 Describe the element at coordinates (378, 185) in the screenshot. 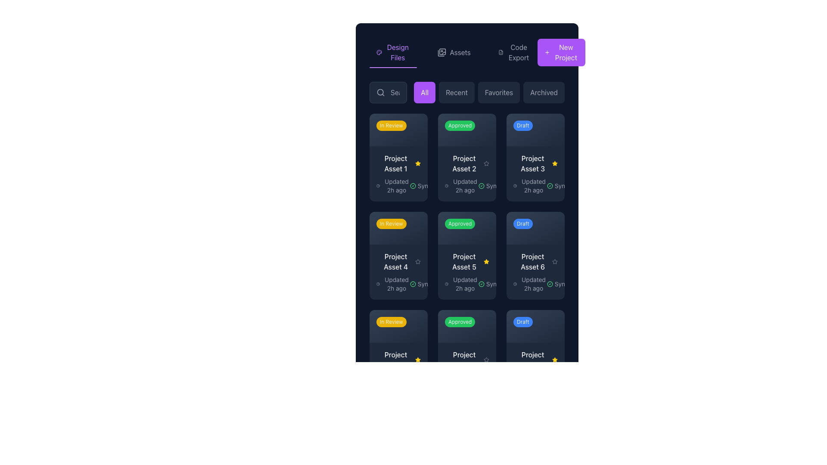

I see `the clock icon, which is a circular outline with clock hands, located to the left of the text 'Updated 2h ago' in the card element` at that location.